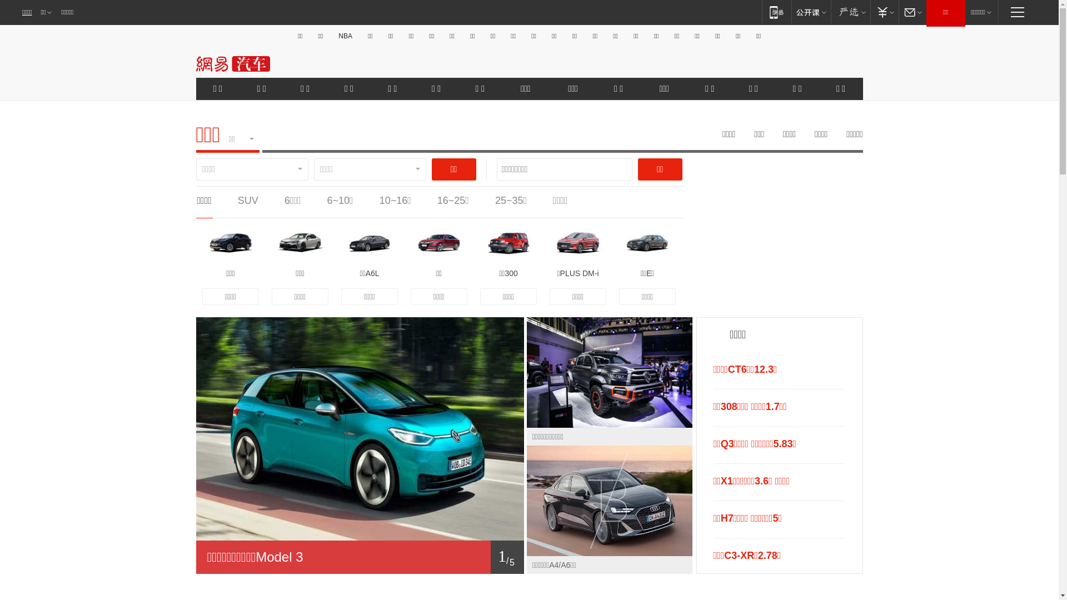  Describe the element at coordinates (247, 201) in the screenshot. I see `'SUV'` at that location.